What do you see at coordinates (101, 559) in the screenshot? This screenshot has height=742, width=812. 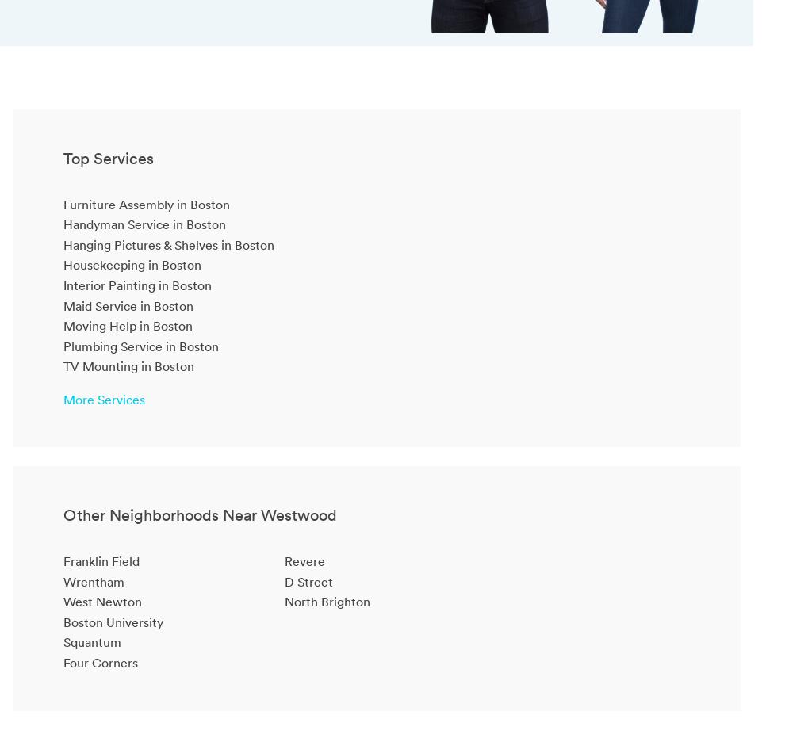 I see `'Franklin Field'` at bounding box center [101, 559].